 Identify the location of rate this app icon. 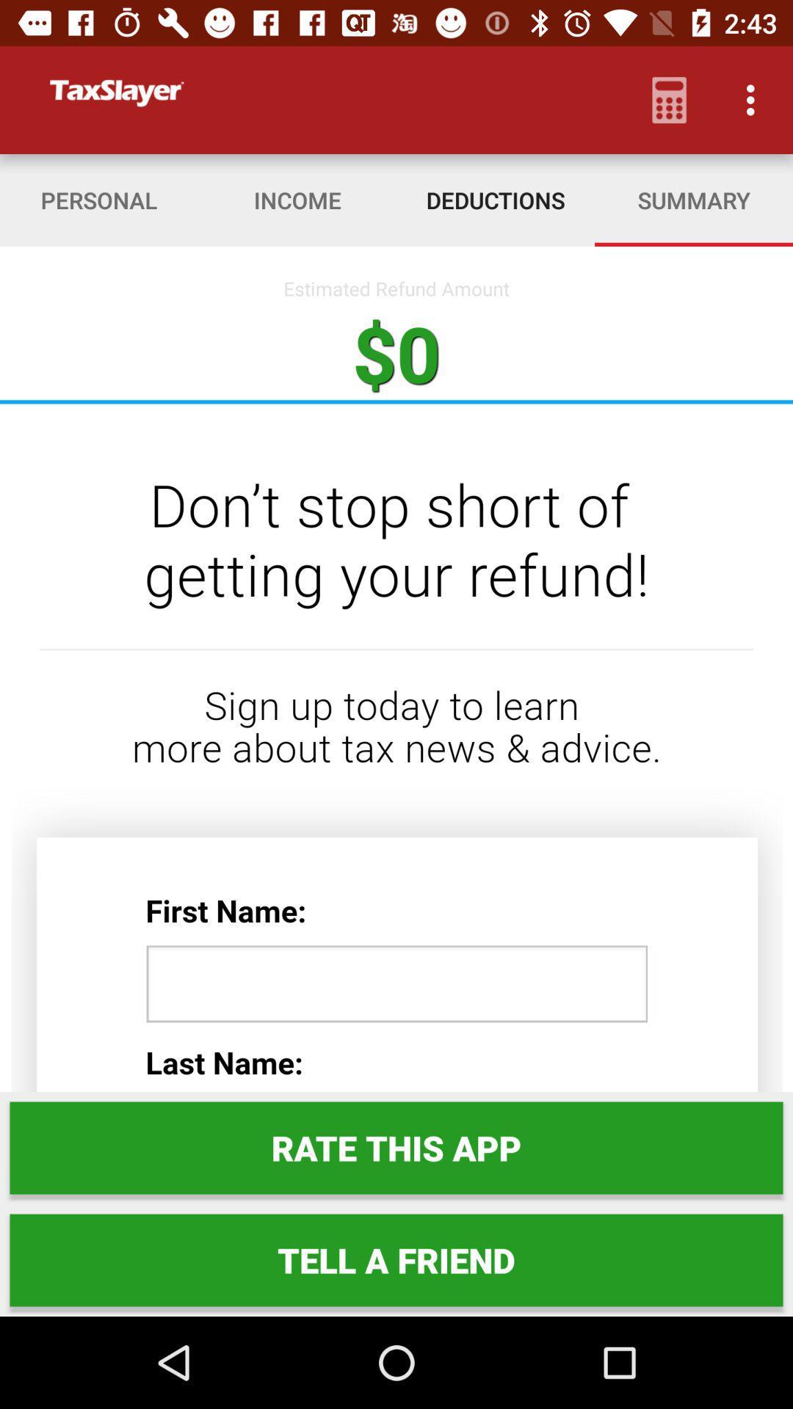
(396, 1147).